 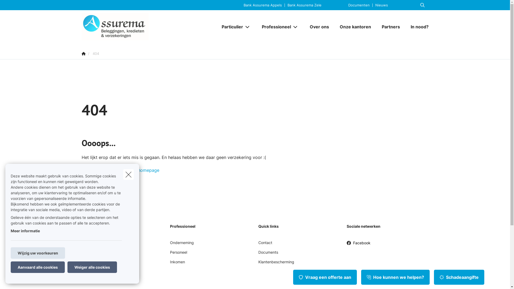 I want to click on 'Contact', so click(x=265, y=245).